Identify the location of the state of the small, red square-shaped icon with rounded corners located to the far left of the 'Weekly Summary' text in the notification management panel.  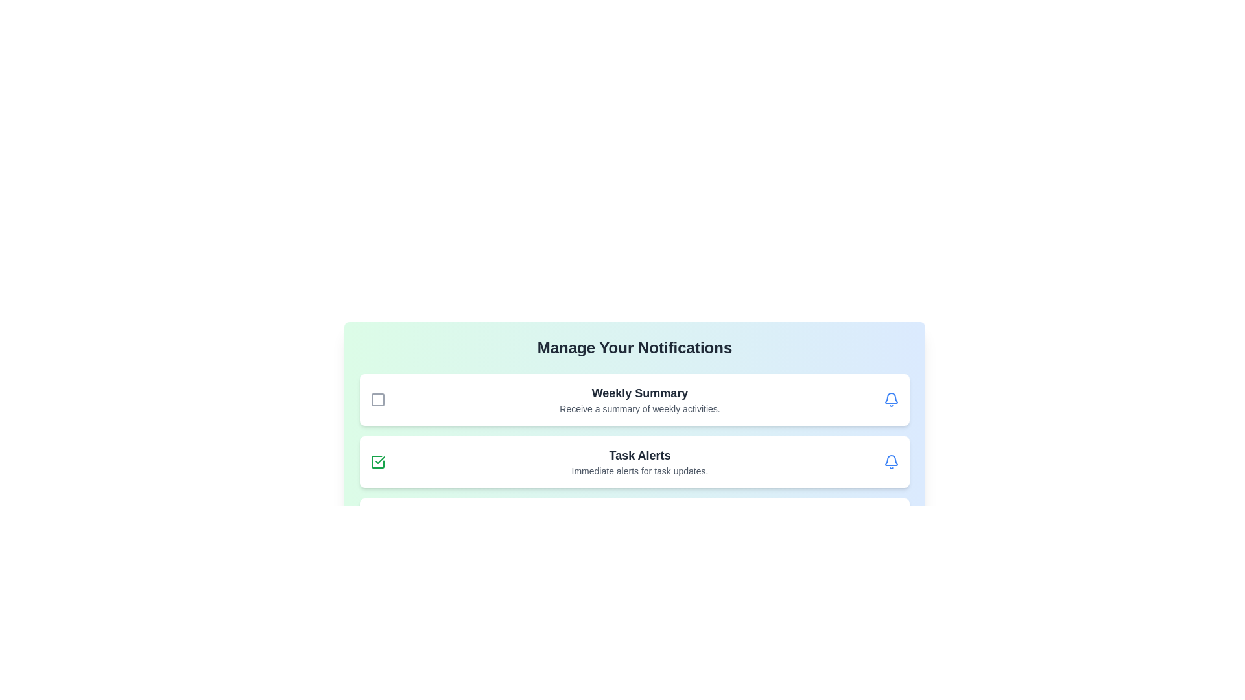
(377, 399).